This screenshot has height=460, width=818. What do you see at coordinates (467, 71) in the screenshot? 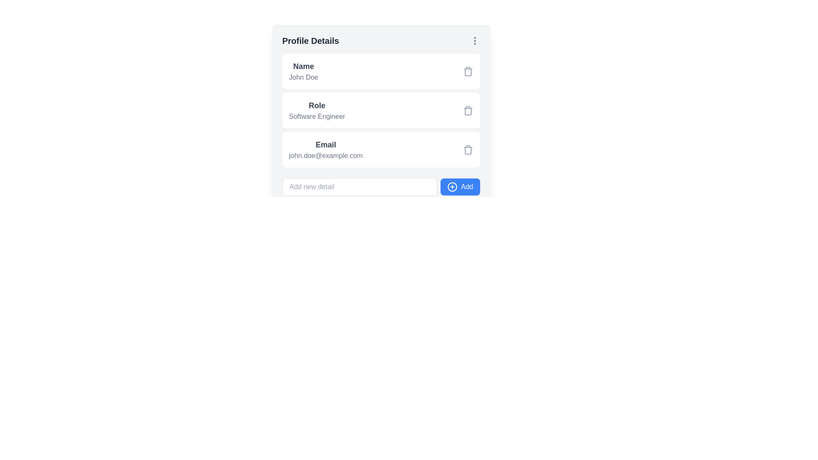
I see `the gray trash icon button located on the far-right end of the 'Name' entry section` at bounding box center [467, 71].